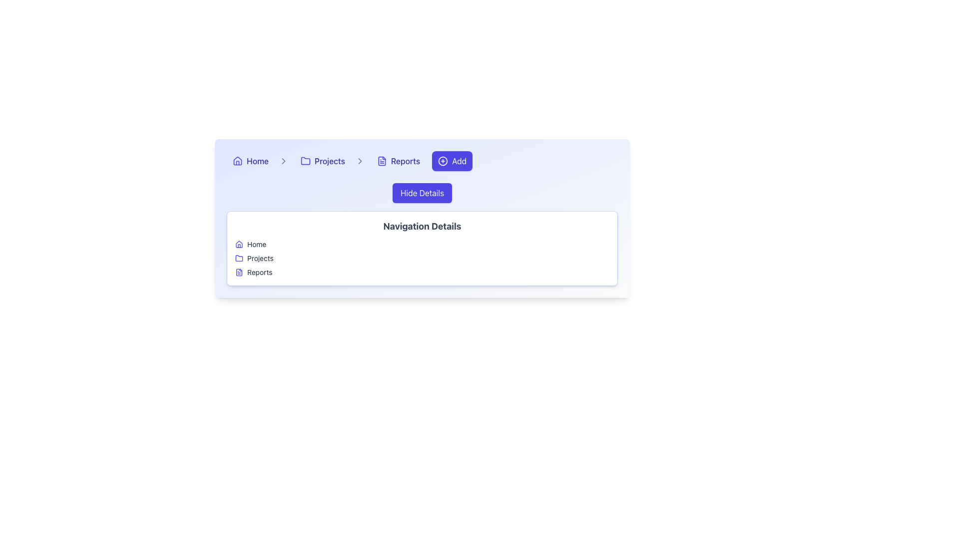 The width and height of the screenshot is (959, 539). What do you see at coordinates (257, 161) in the screenshot?
I see `the 'Home' text label, which is the first item in the navigation bar` at bounding box center [257, 161].